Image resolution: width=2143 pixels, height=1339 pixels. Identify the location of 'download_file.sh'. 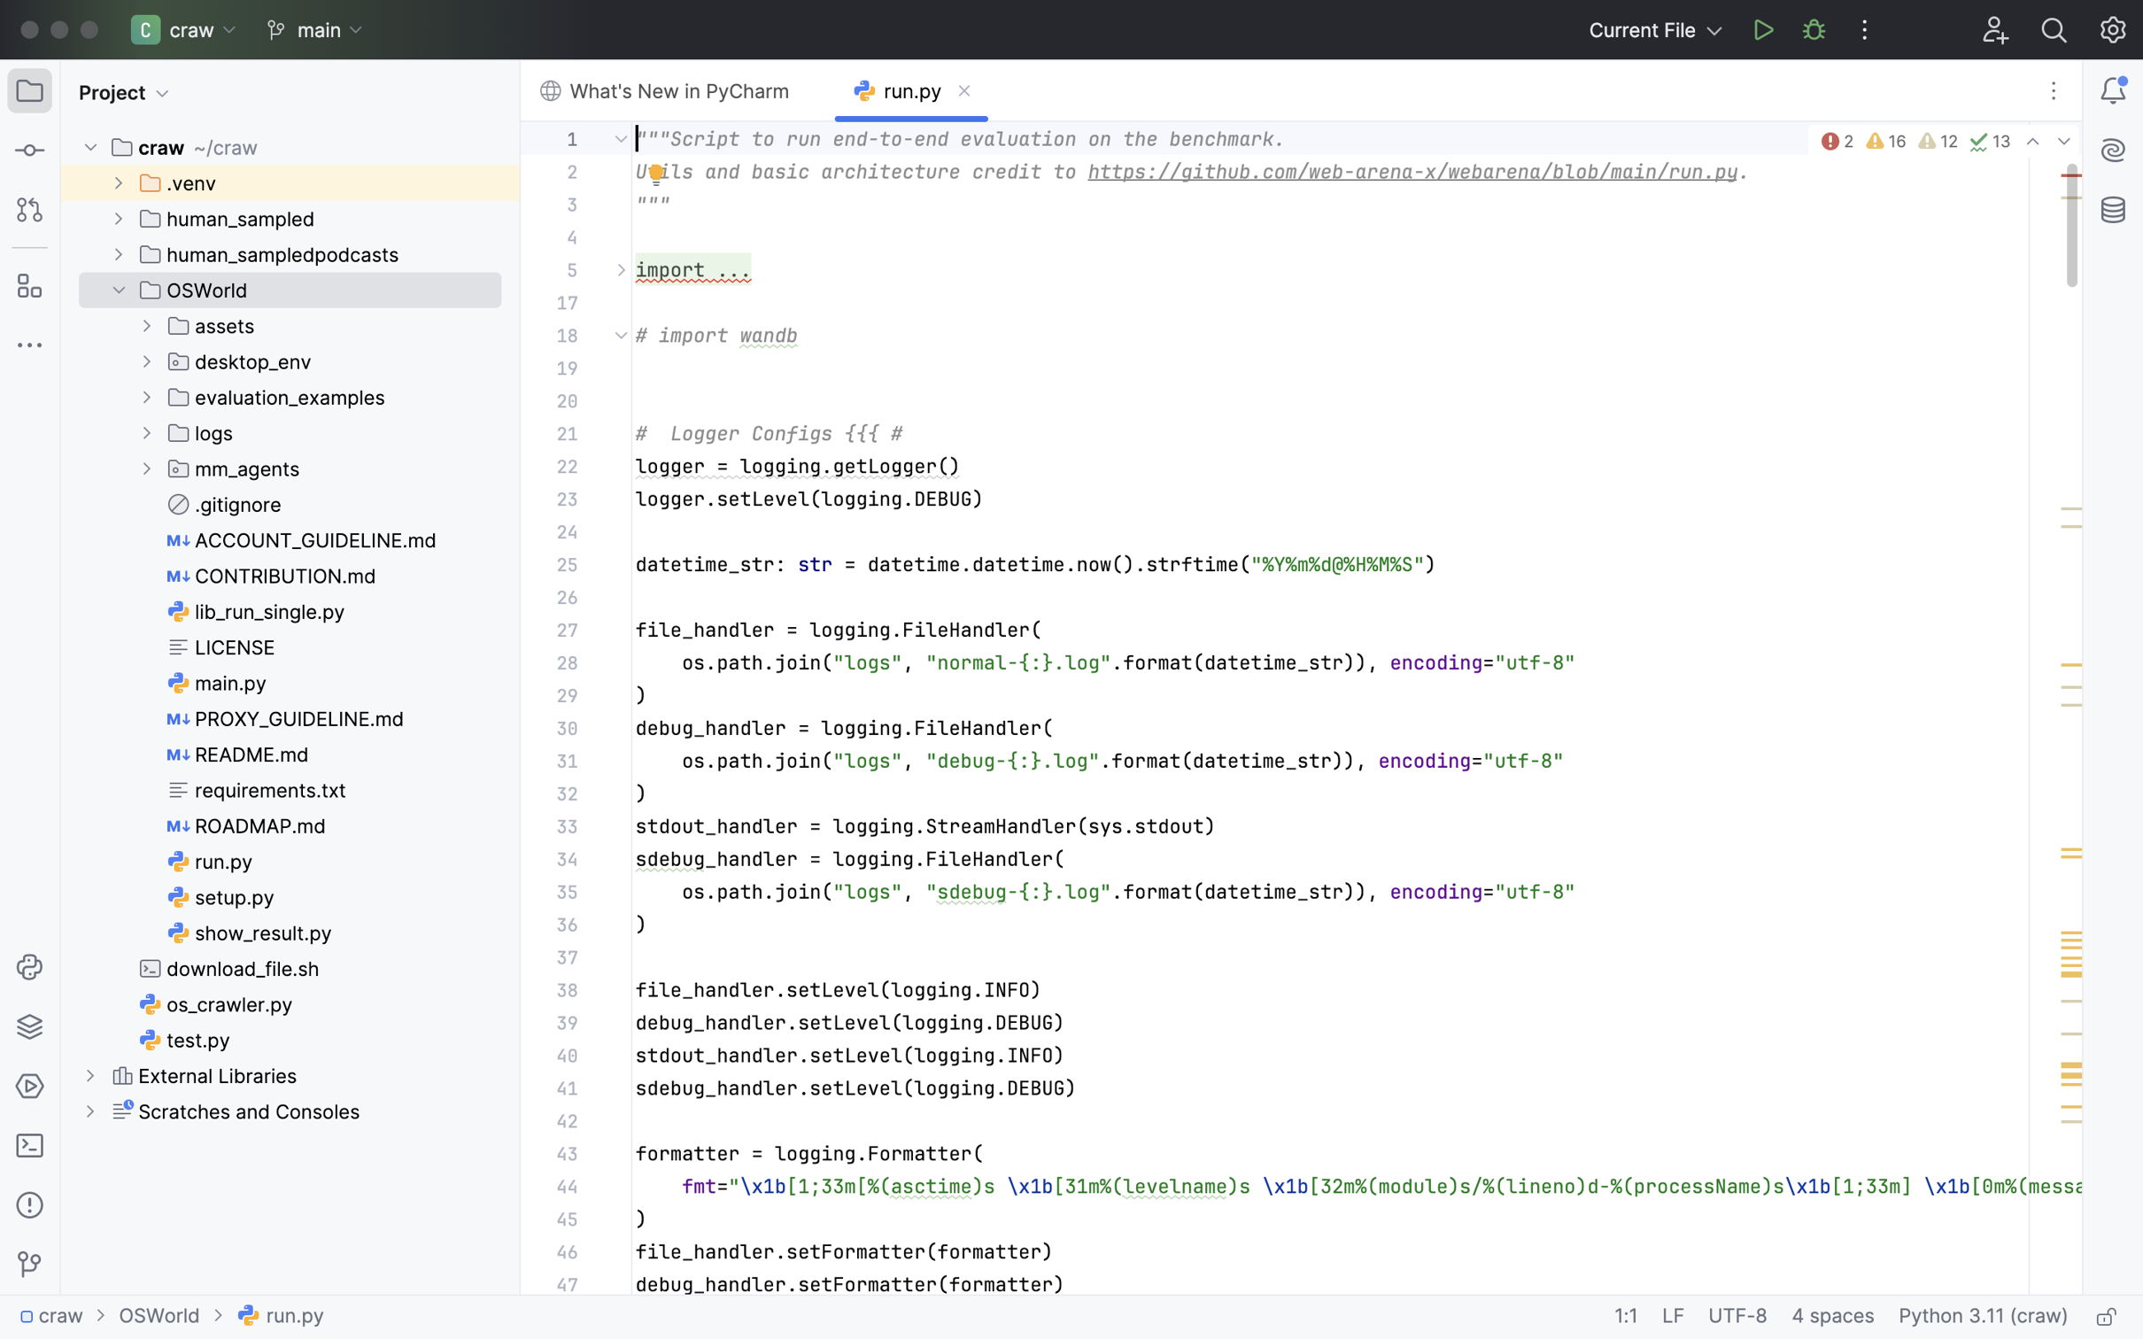
(230, 967).